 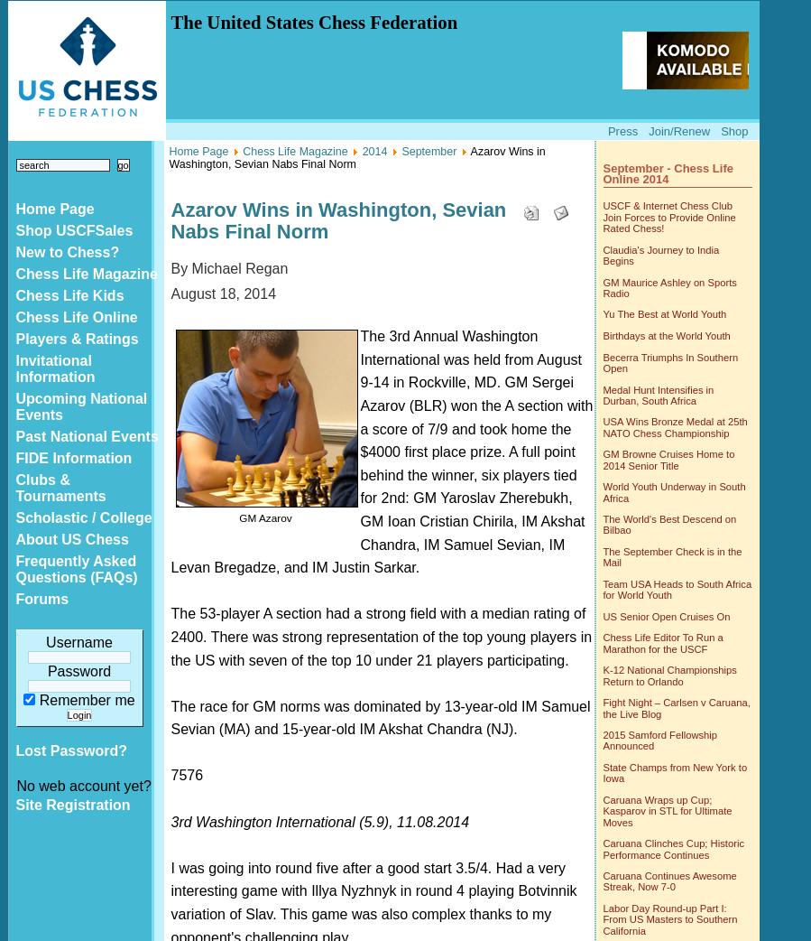 I want to click on 'Shop USCFSales', so click(x=72, y=229).